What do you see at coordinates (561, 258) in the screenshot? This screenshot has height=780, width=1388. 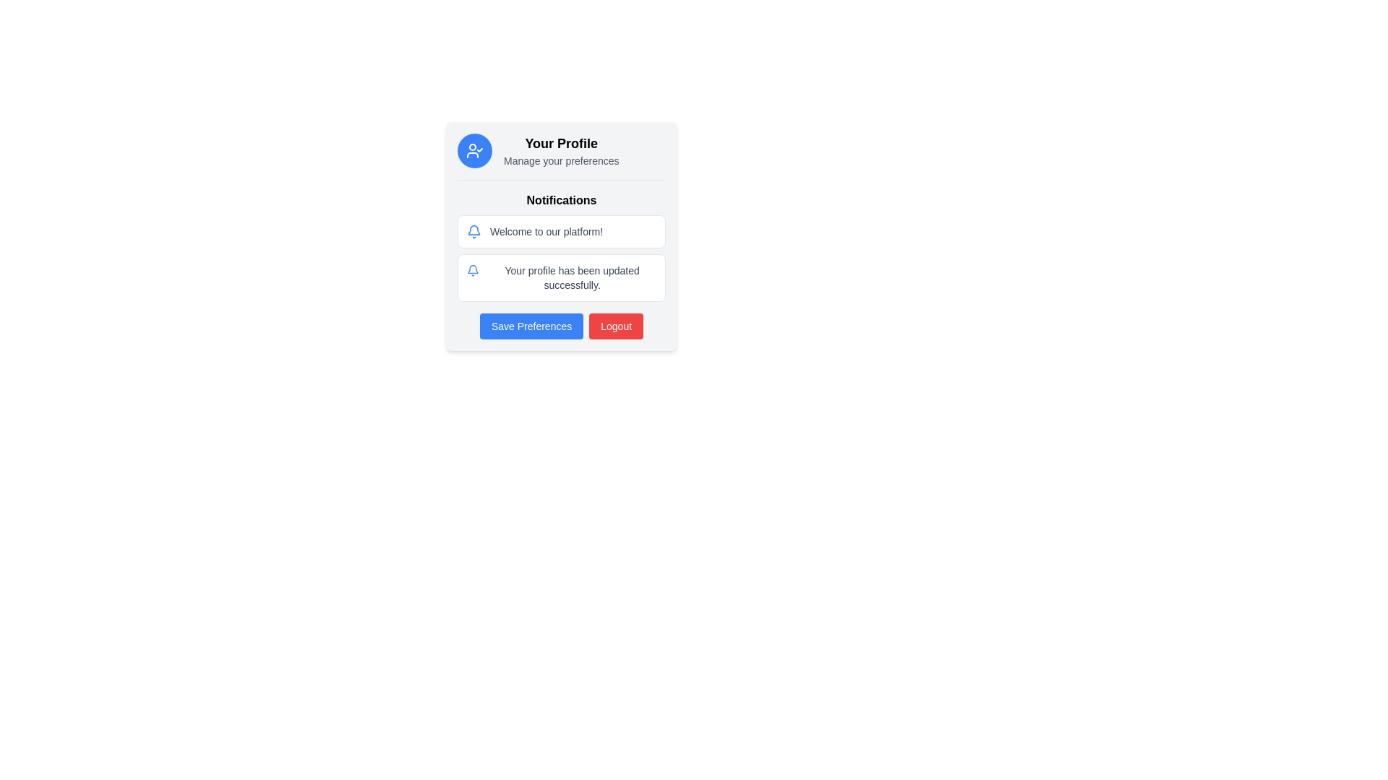 I see `the second notification in the notification panel that informs the user about a successful profile update` at bounding box center [561, 258].